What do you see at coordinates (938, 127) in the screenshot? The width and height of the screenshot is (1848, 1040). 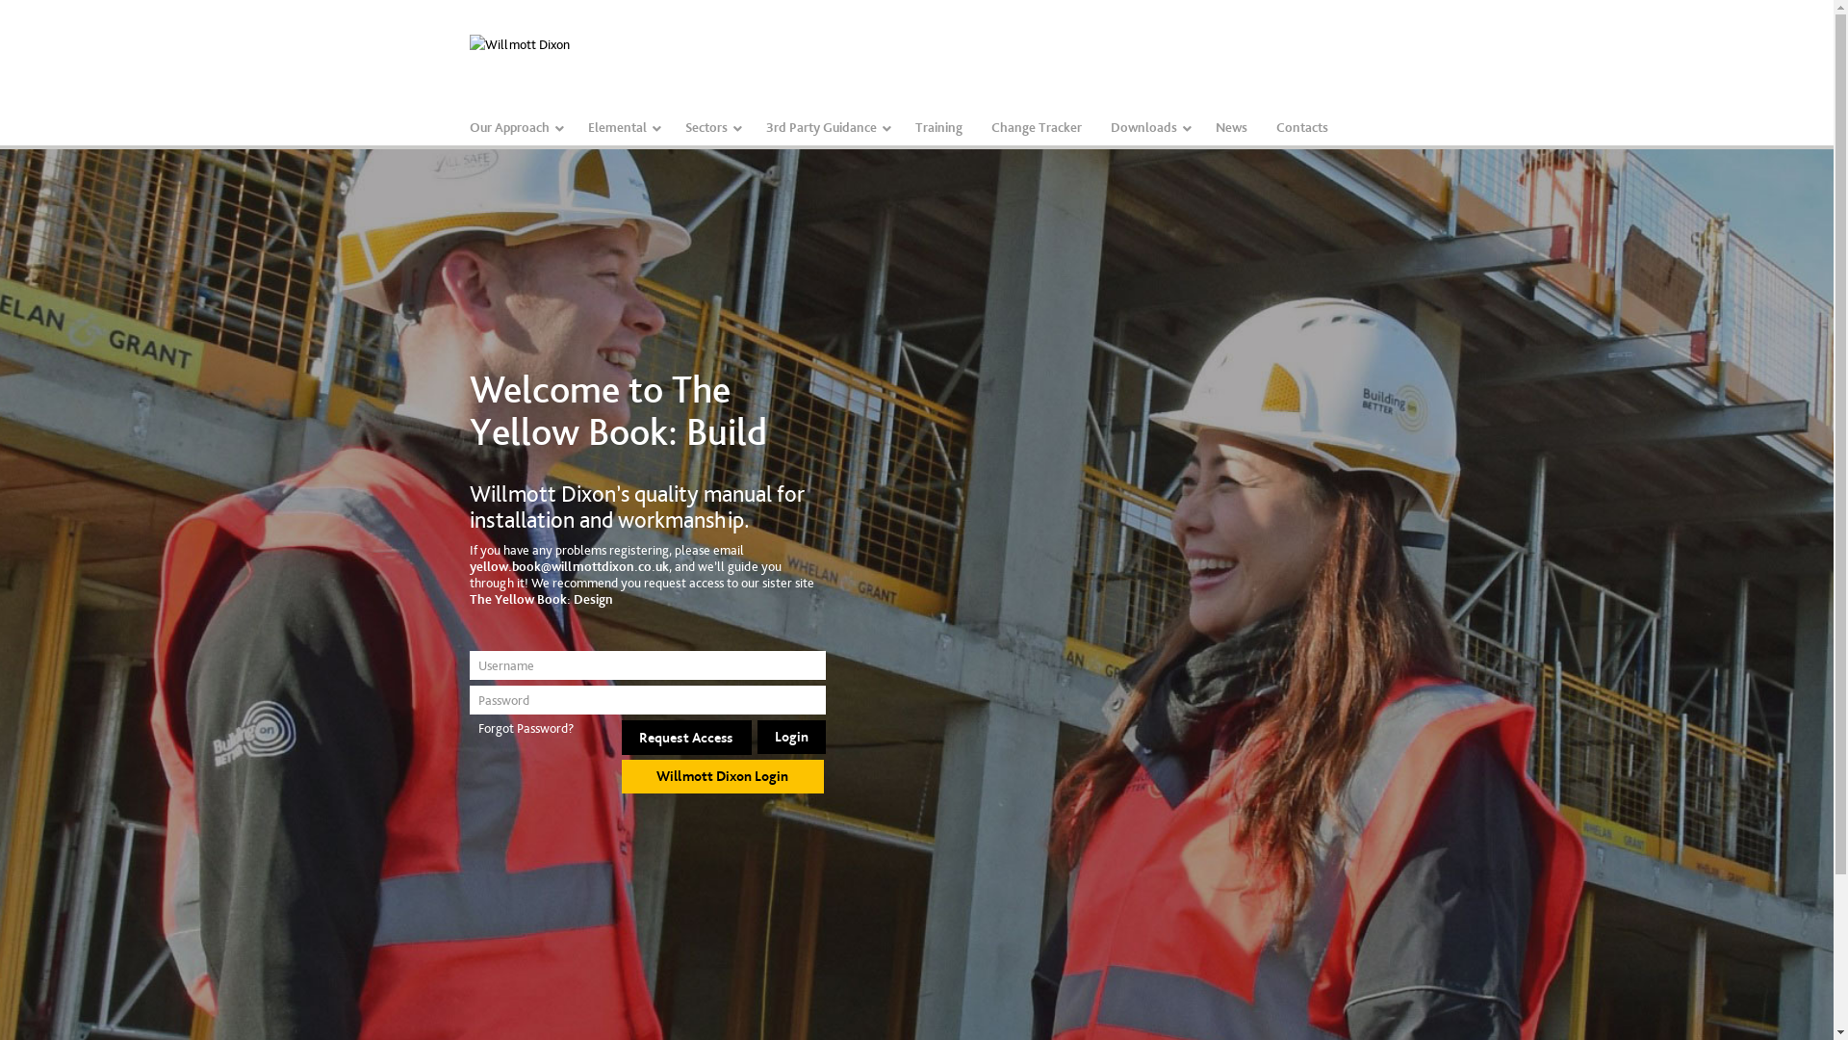 I see `'Training'` at bounding box center [938, 127].